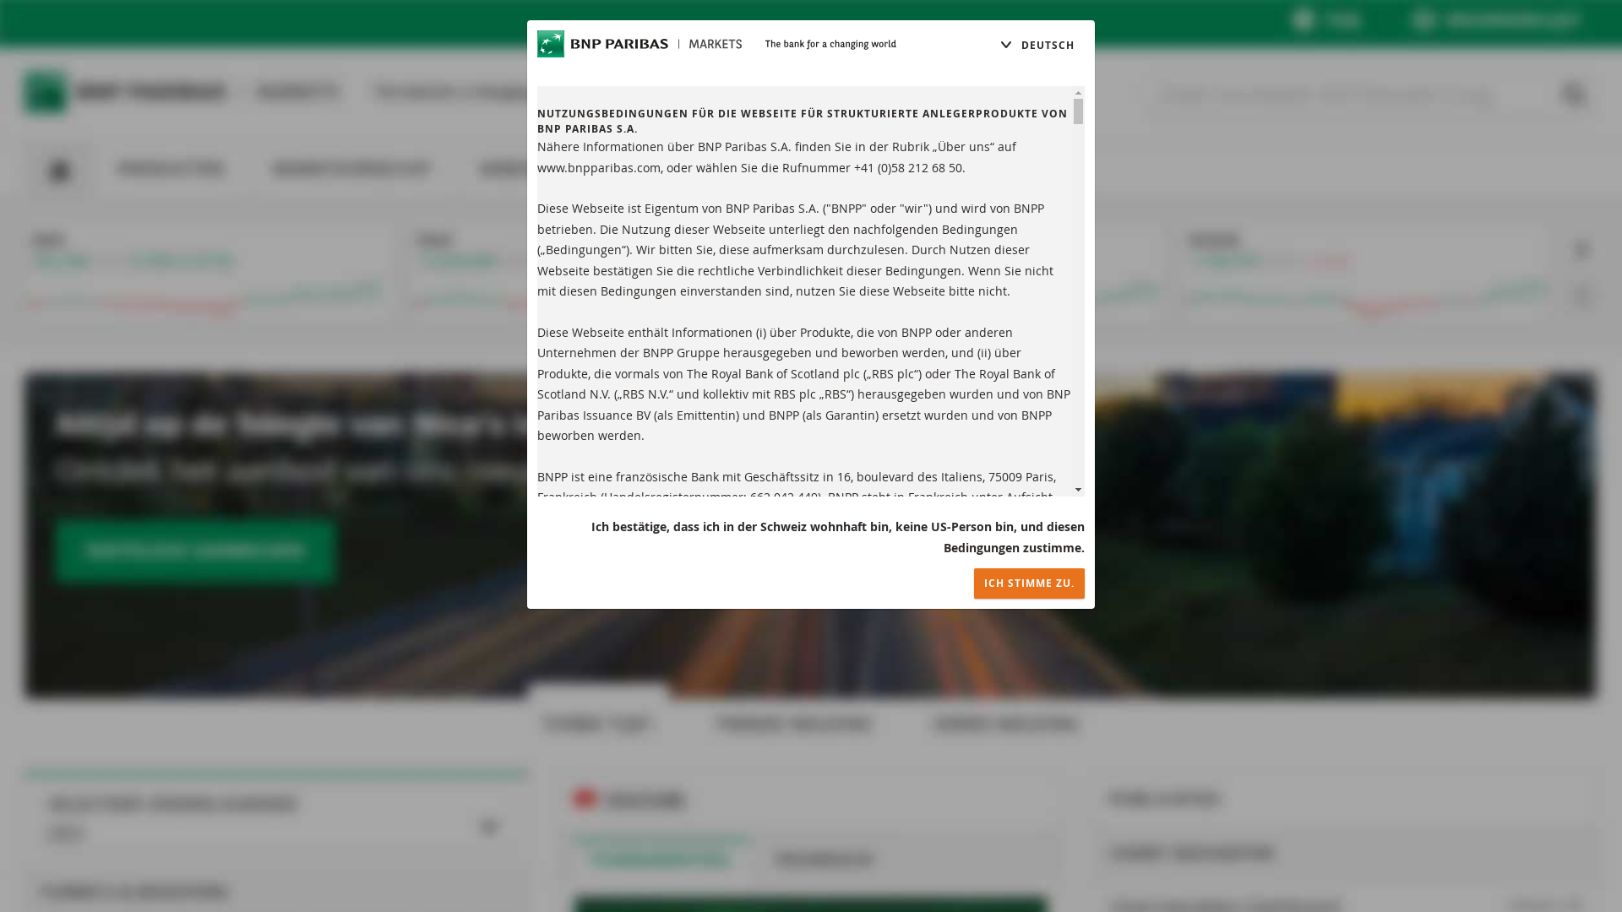 The height and width of the screenshot is (912, 1622). I want to click on 'DEUTSCH', so click(1036, 45).